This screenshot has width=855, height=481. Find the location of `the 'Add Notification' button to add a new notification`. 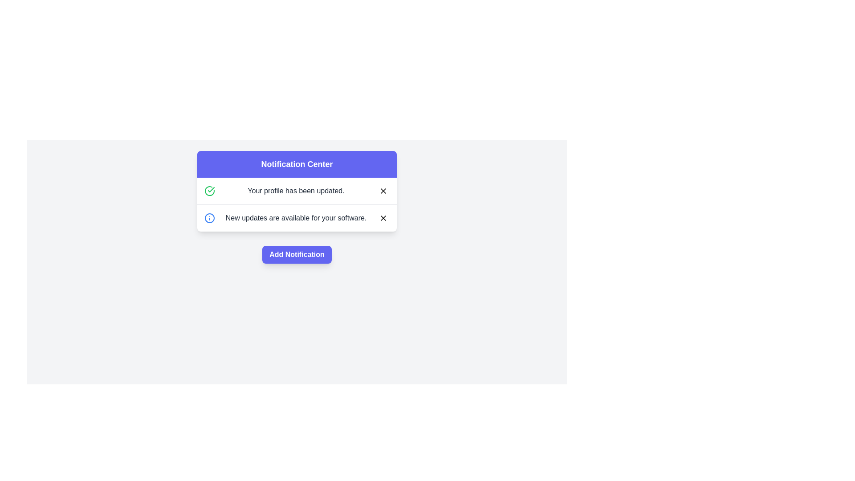

the 'Add Notification' button to add a new notification is located at coordinates (297, 254).